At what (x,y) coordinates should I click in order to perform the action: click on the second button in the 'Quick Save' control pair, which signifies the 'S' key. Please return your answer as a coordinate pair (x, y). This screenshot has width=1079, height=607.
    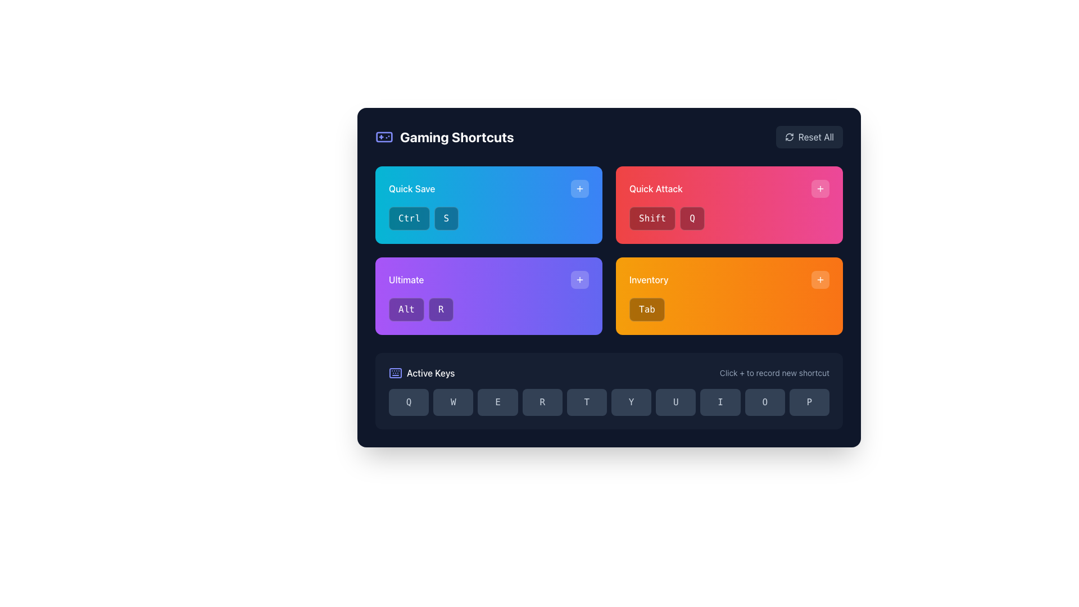
    Looking at the image, I should click on (446, 219).